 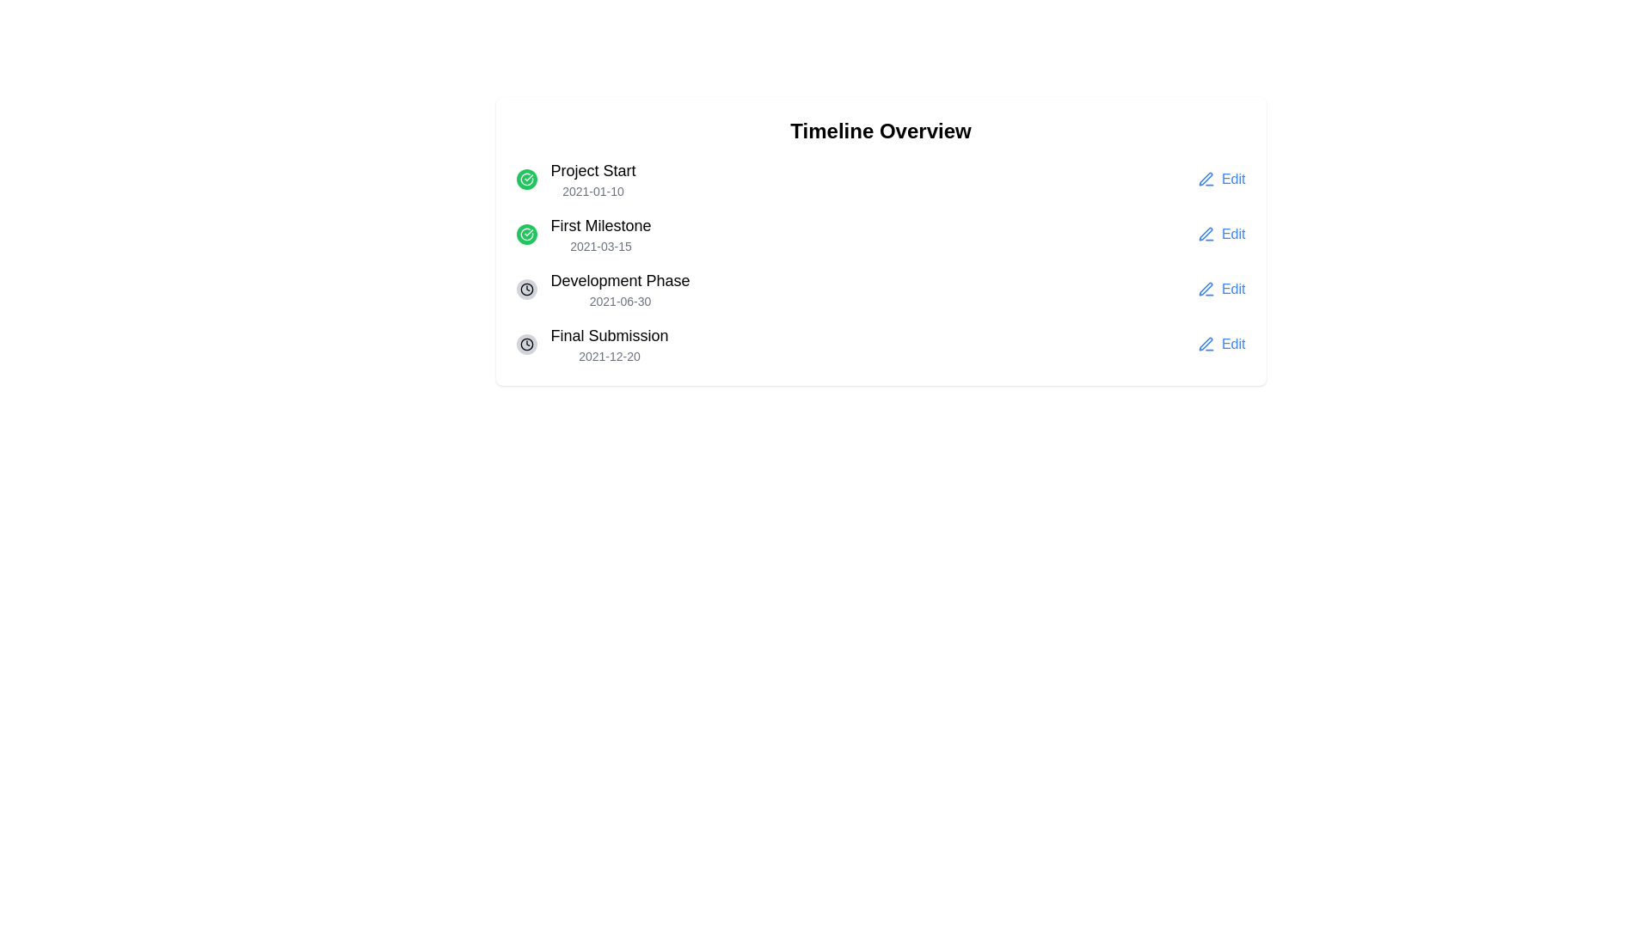 I want to click on displayed text of the second milestone entry in the vertical timeline list under 'Timeline Overview', which shows information about a specific timeline milestone including its title and associated date, so click(x=601, y=235).